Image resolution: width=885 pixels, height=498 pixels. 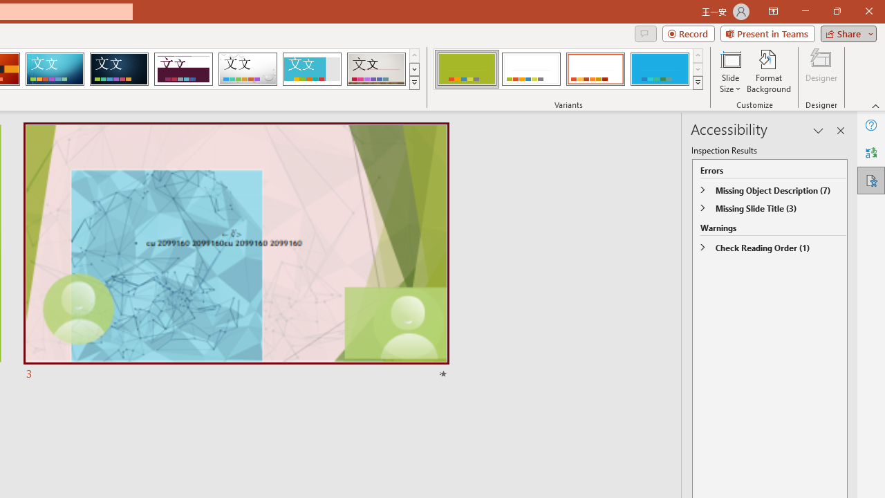 What do you see at coordinates (311, 69) in the screenshot?
I see `'Frame'` at bounding box center [311, 69].